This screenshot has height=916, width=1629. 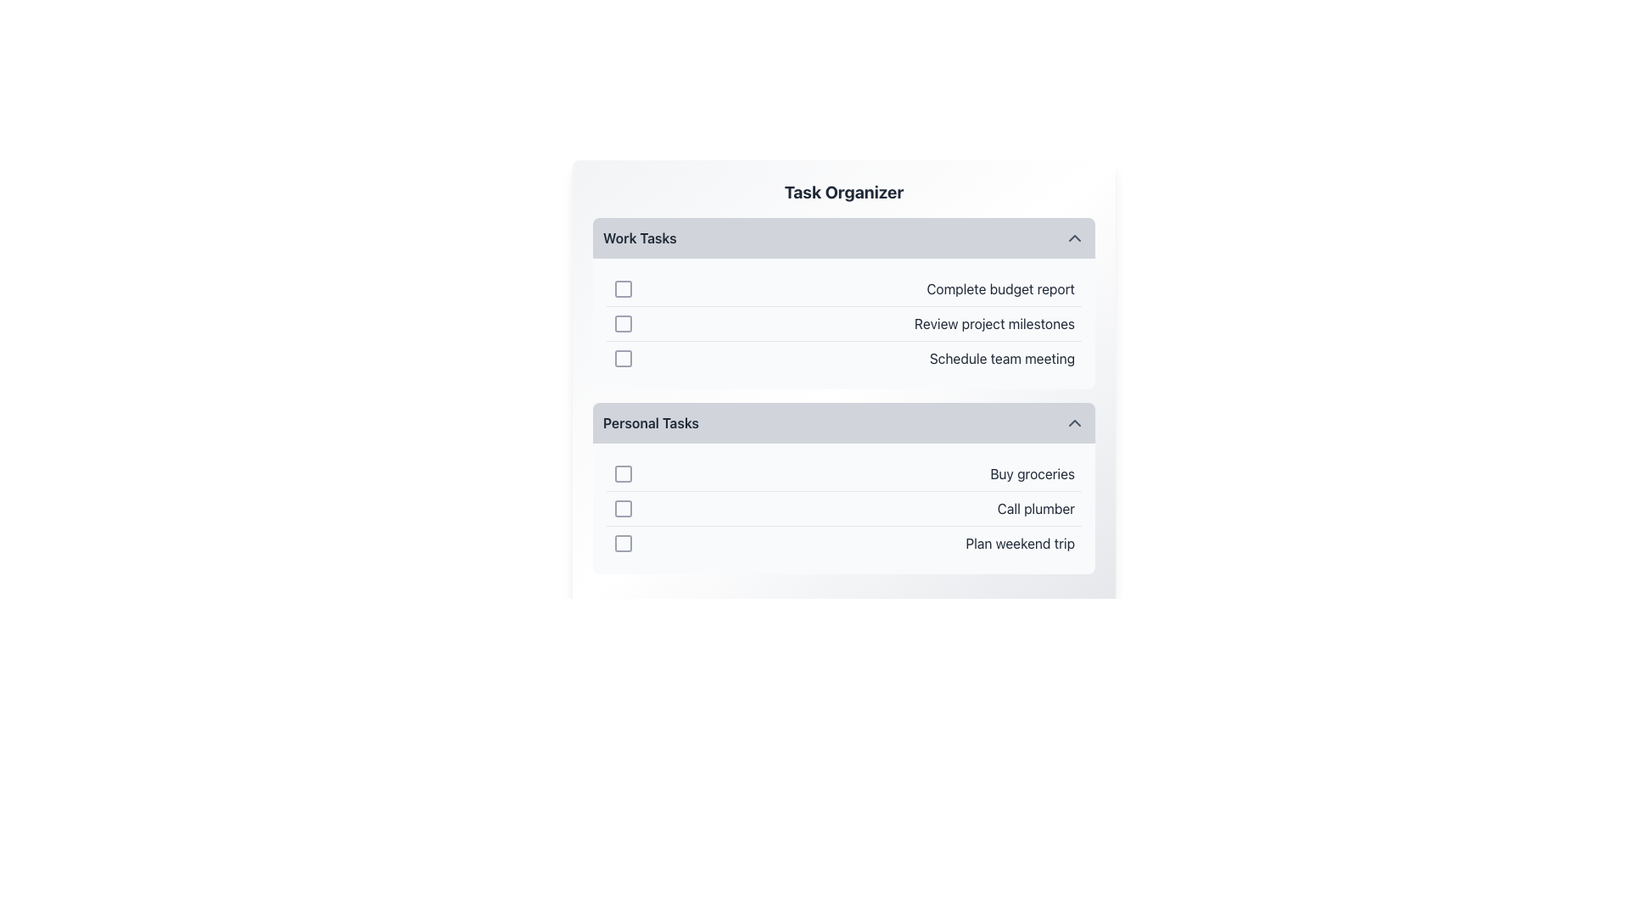 What do you see at coordinates (843, 474) in the screenshot?
I see `the checkbox of the first Task List Item under the 'Personal Tasks' section` at bounding box center [843, 474].